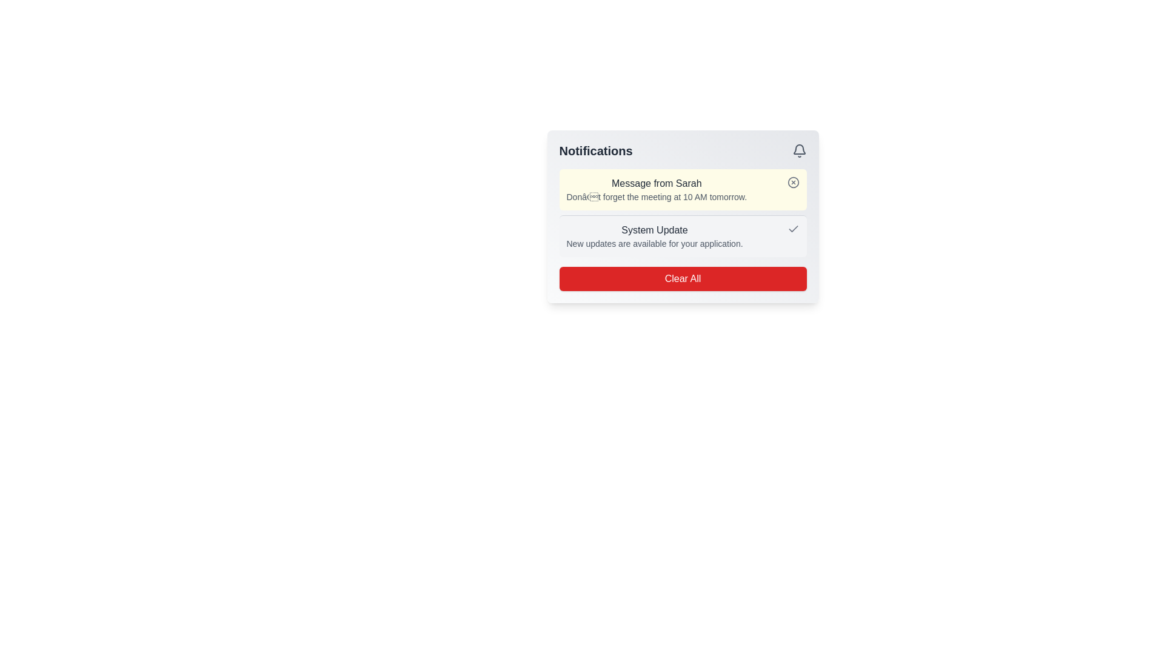 This screenshot has height=655, width=1164. What do you see at coordinates (654, 230) in the screenshot?
I see `'System Update' text displayed prominently in bold font on a light gray background, located centrally in the notification section` at bounding box center [654, 230].